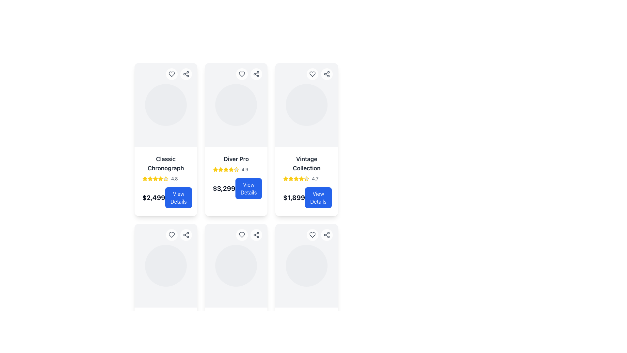 The height and width of the screenshot is (353, 627). I want to click on the heart-shaped icon outlined in dark gray located in the upper-left region of the middle card in the bottom row to mark an item as favorite, so click(171, 234).